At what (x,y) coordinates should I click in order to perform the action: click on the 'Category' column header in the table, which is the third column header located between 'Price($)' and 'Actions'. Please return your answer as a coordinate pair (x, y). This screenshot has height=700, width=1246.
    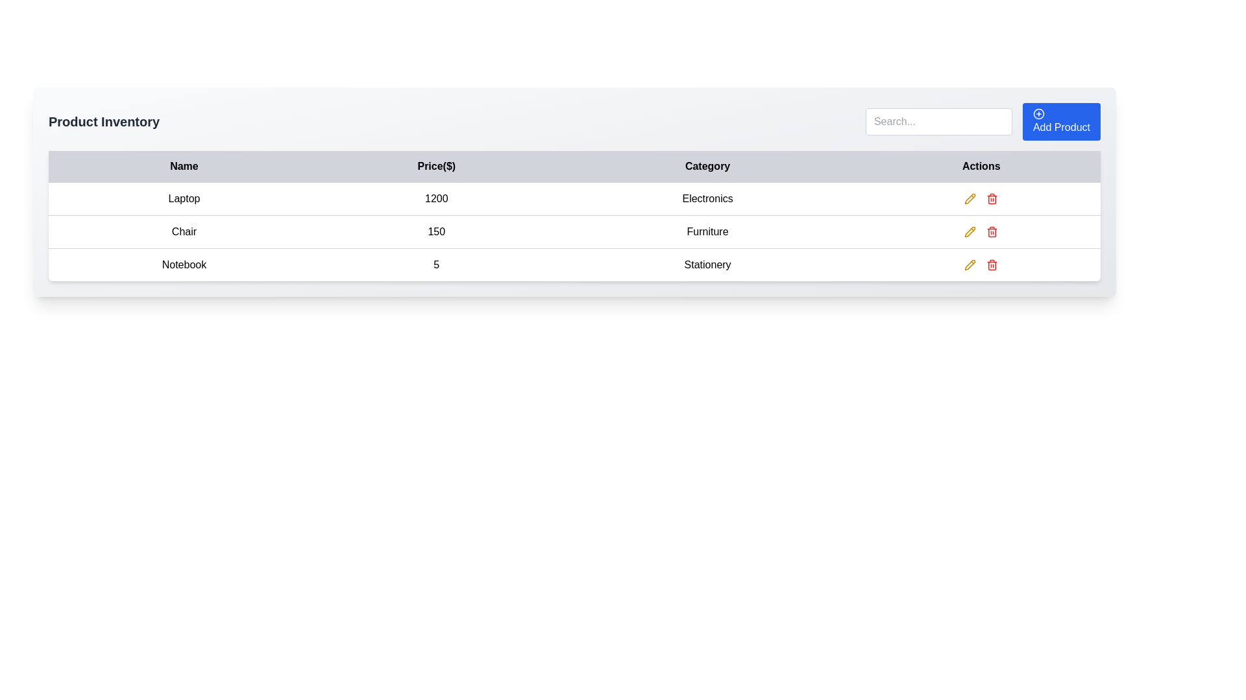
    Looking at the image, I should click on (707, 166).